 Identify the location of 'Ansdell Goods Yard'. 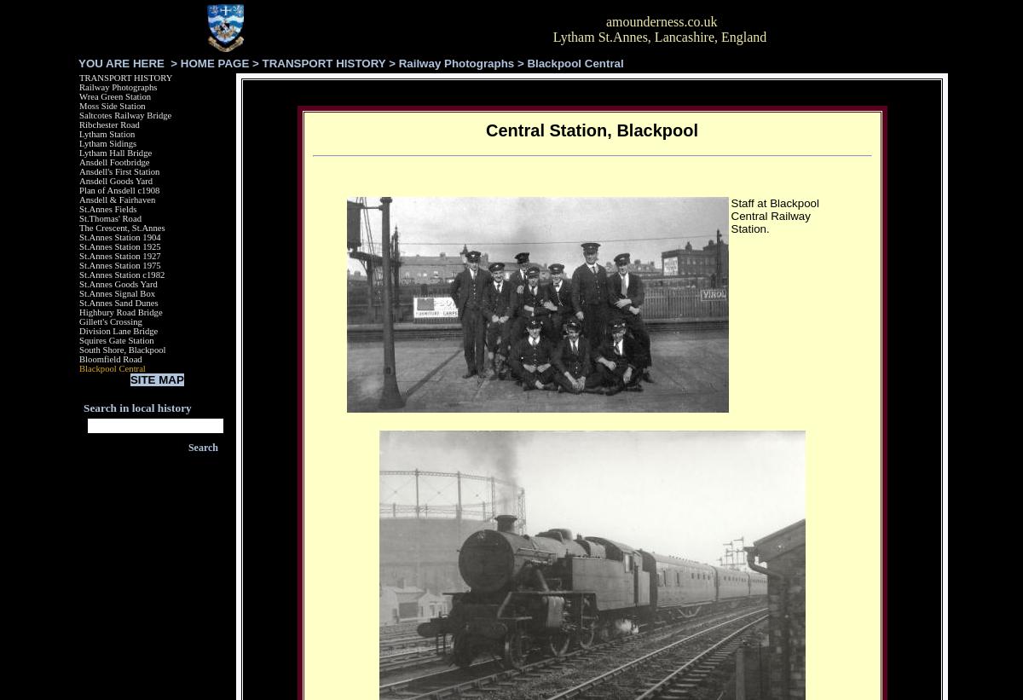
(115, 180).